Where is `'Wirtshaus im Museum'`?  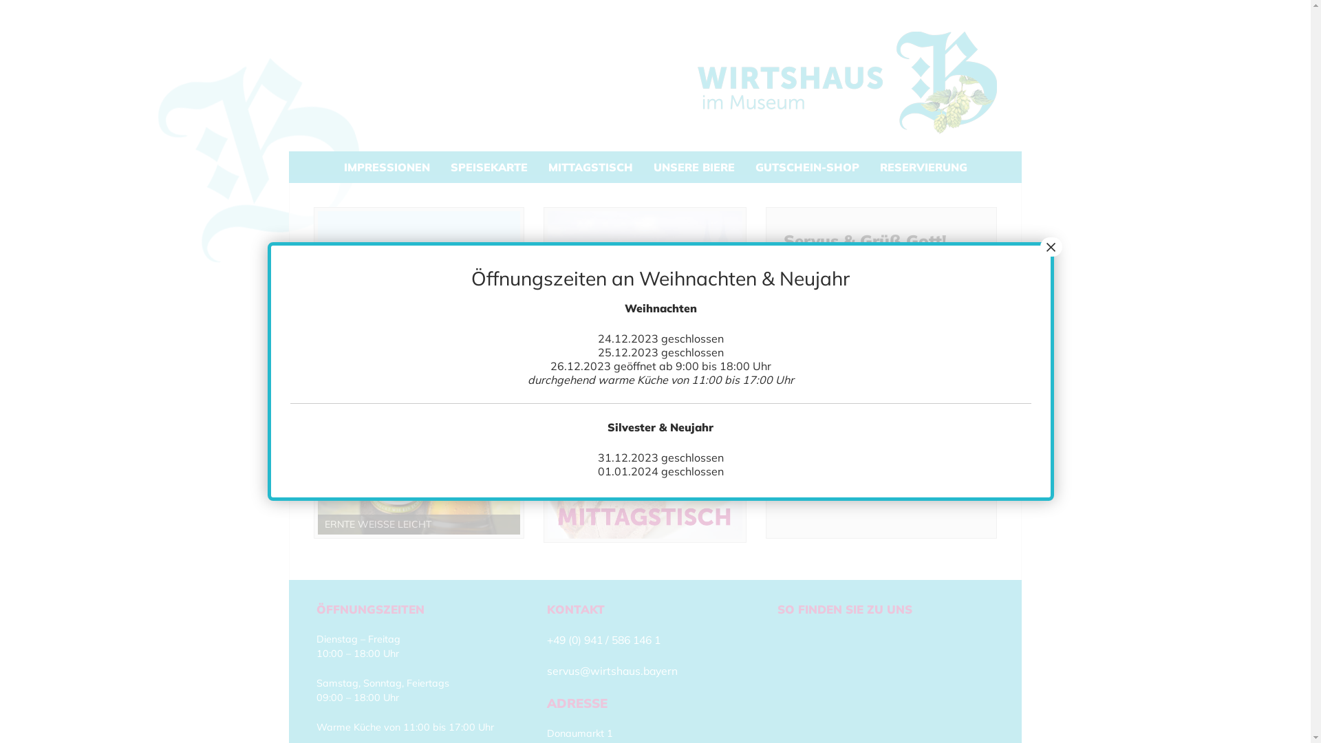
'Wirtshaus im Museum' is located at coordinates (696, 82).